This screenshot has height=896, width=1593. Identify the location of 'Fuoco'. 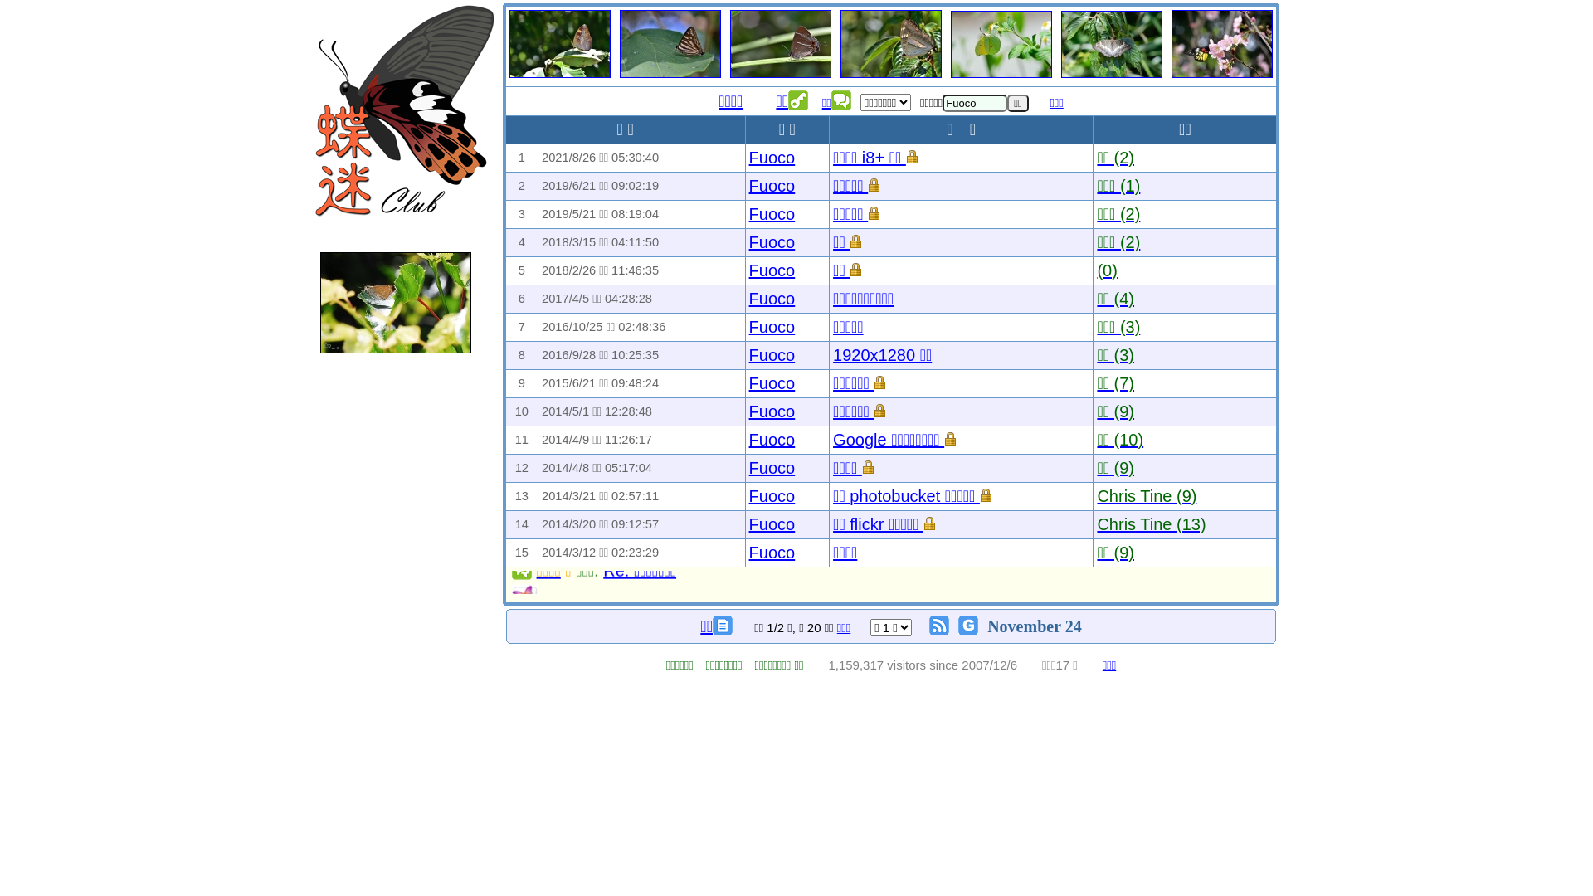
(772, 467).